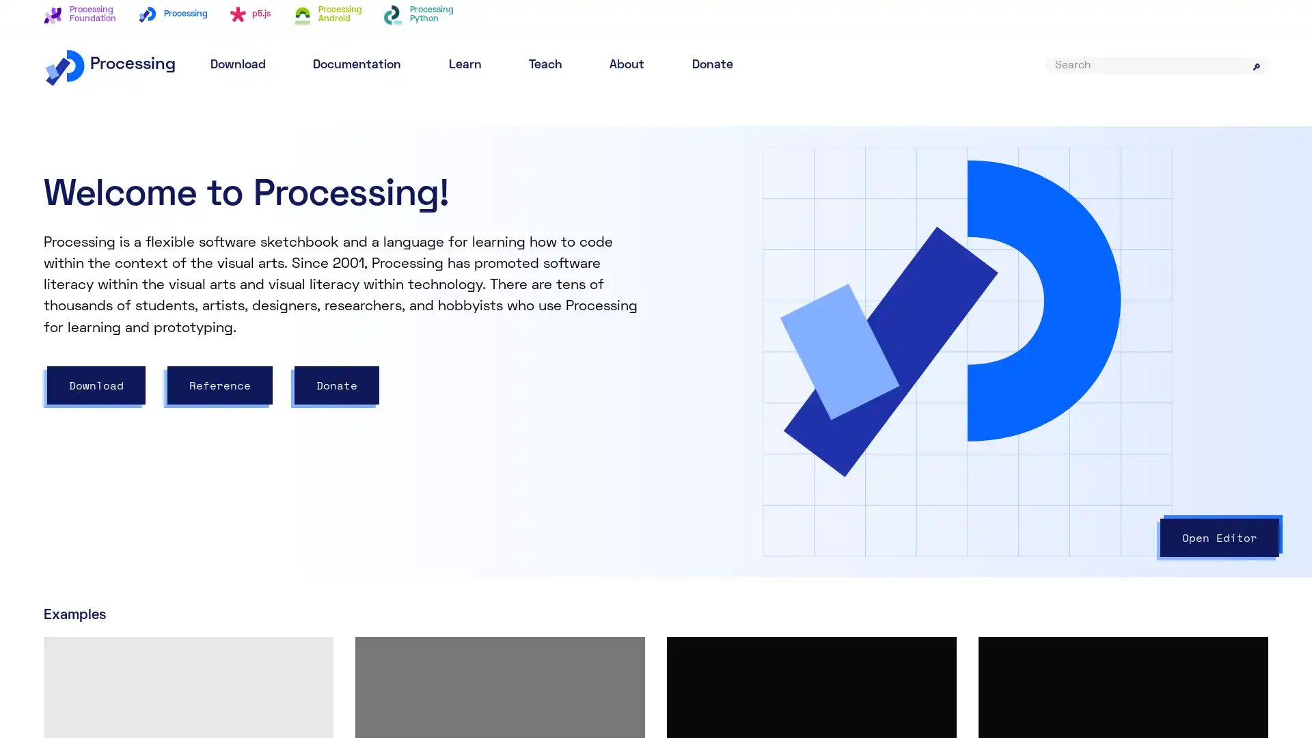  I want to click on change position, so click(815, 421).